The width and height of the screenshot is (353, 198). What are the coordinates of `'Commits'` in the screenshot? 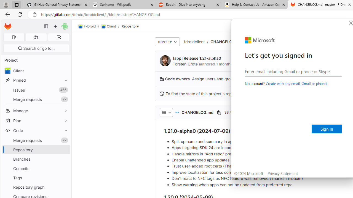 It's located at (36, 168).